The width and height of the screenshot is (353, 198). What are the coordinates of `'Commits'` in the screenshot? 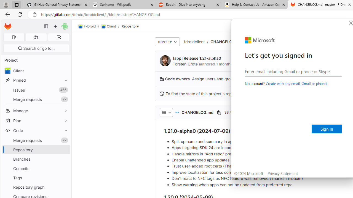 It's located at (36, 168).